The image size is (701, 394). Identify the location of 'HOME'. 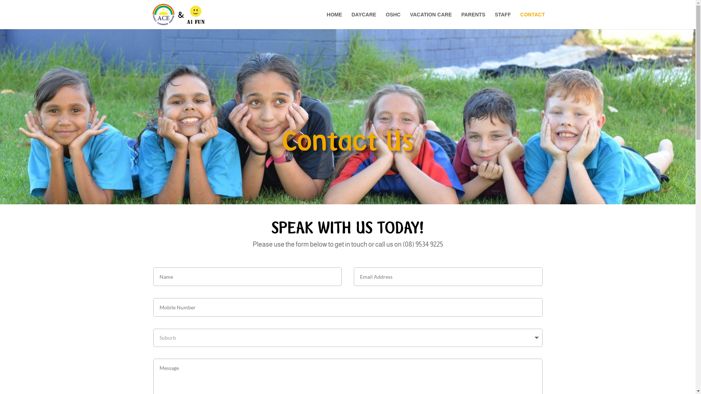
(334, 20).